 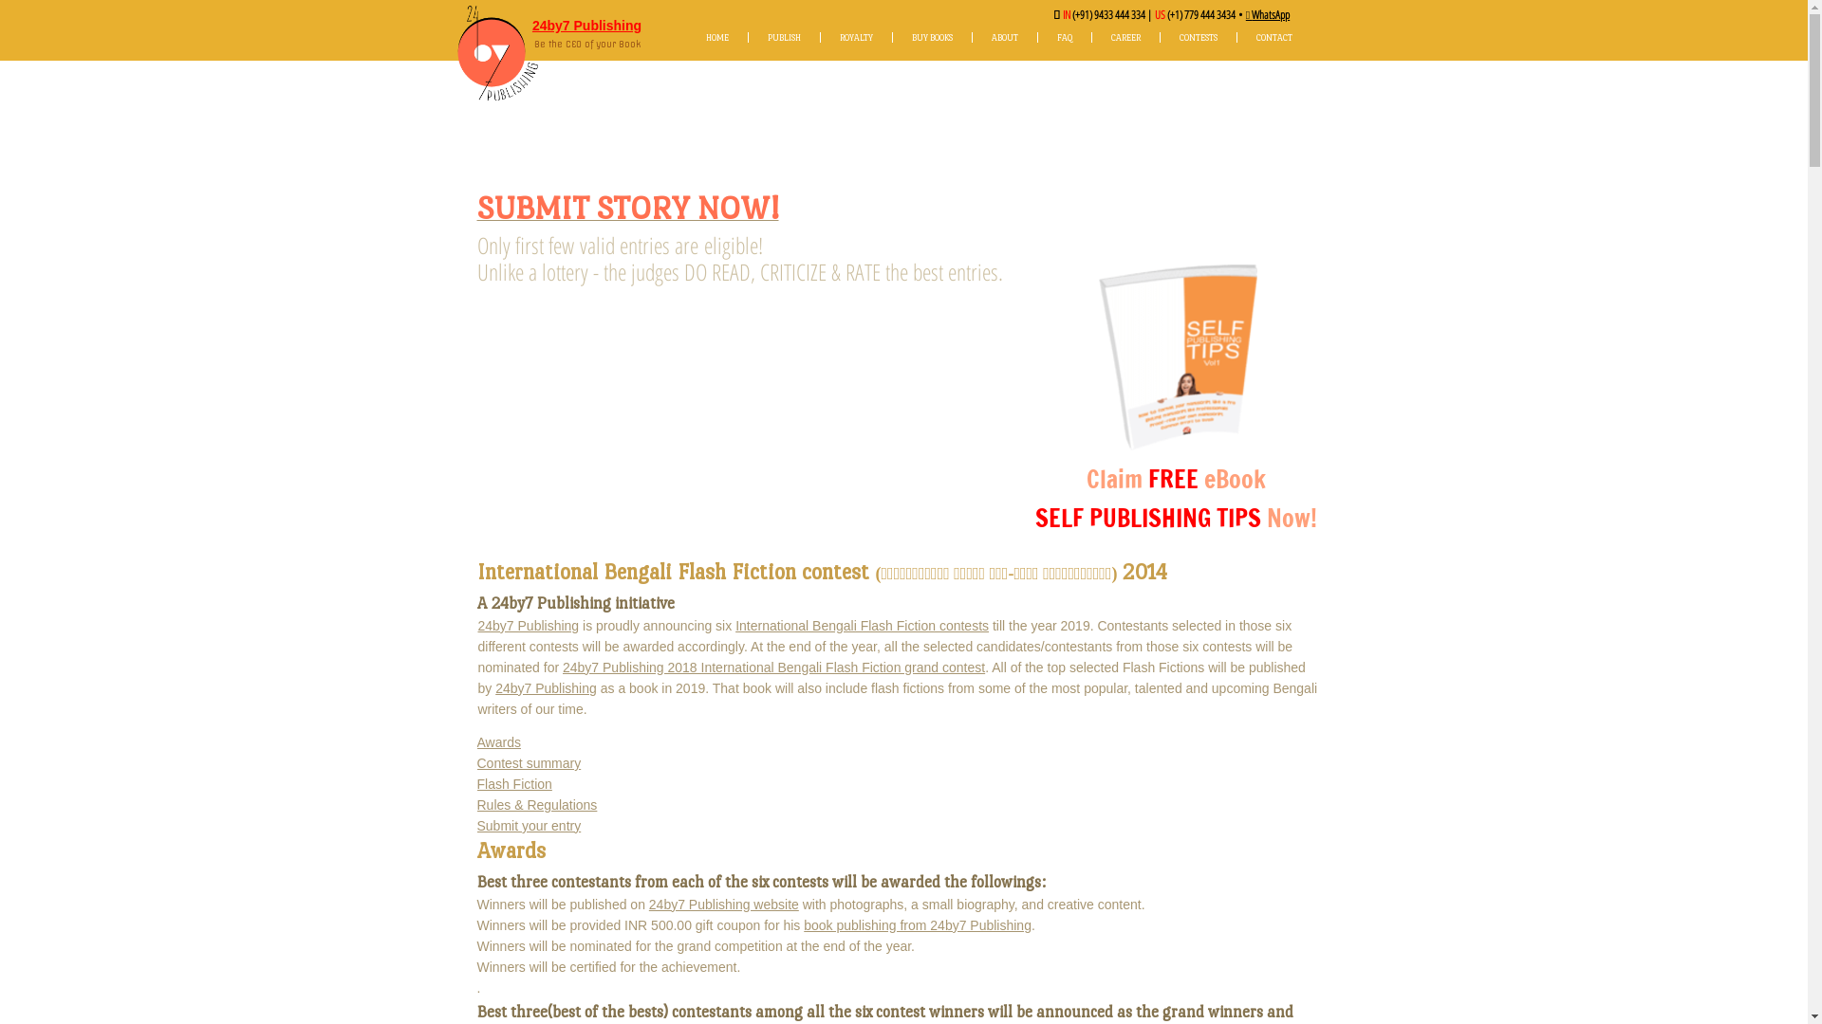 What do you see at coordinates (528, 825) in the screenshot?
I see `'Submit your entry'` at bounding box center [528, 825].